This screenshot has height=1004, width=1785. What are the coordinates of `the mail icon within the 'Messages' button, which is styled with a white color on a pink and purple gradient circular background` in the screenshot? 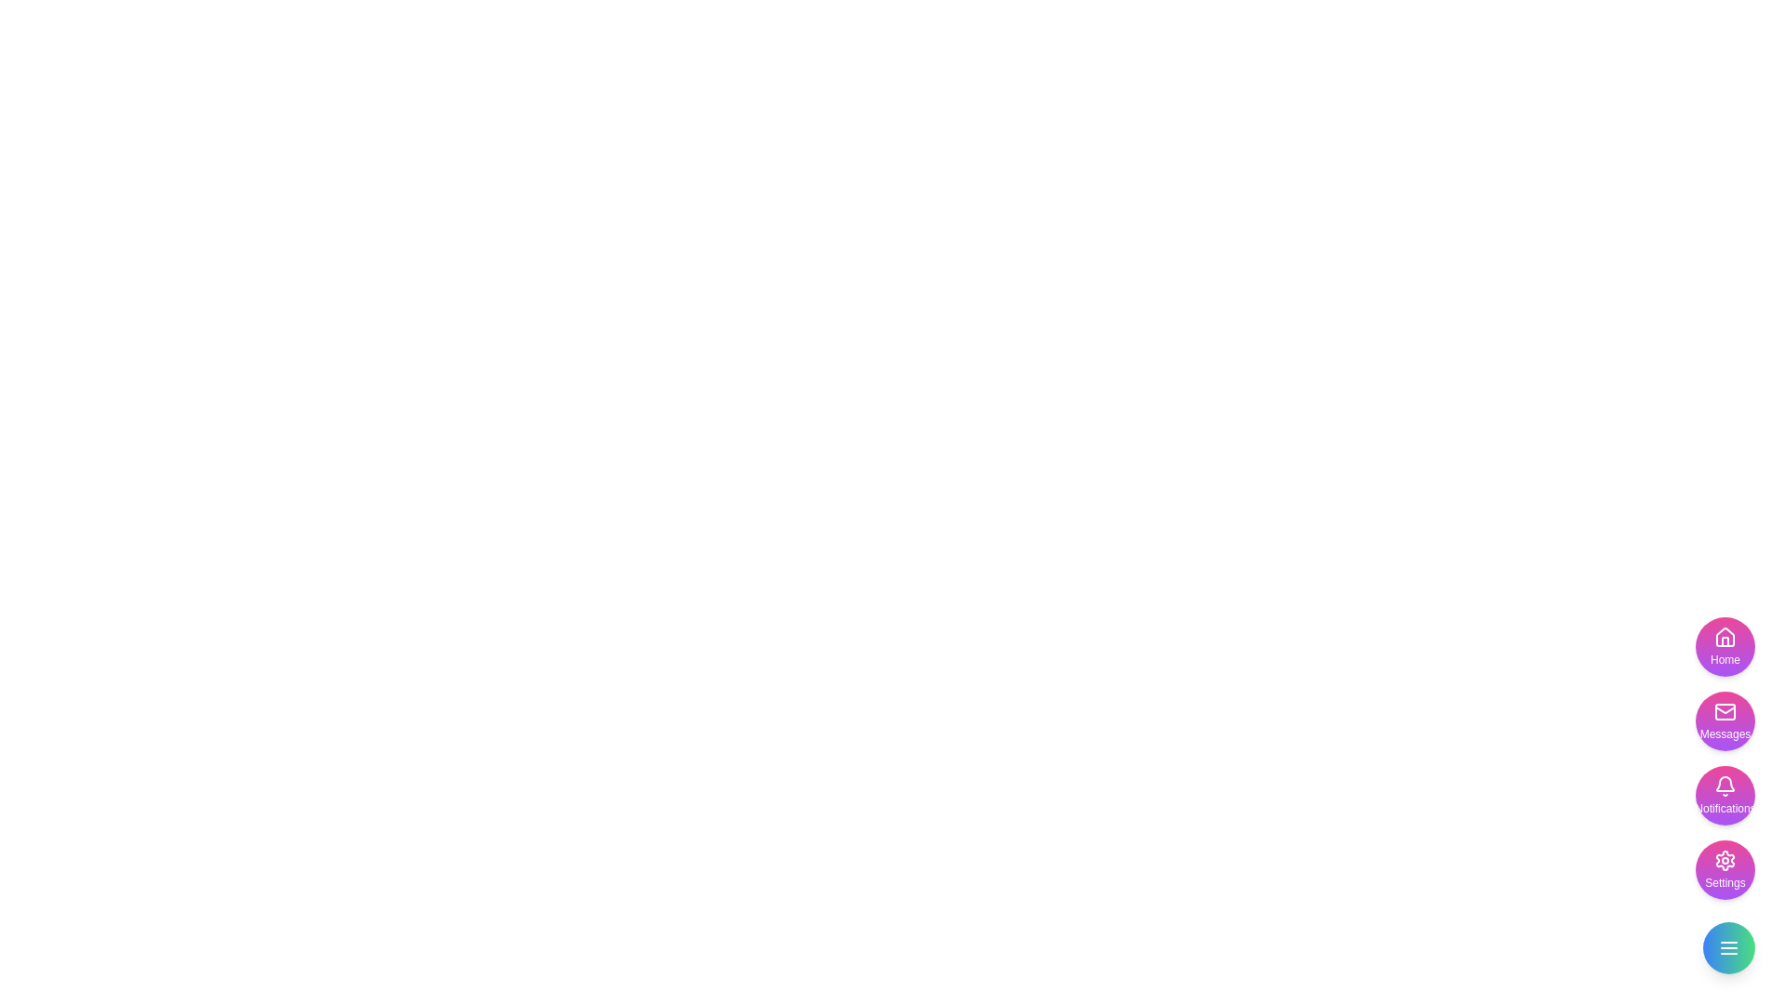 It's located at (1725, 711).